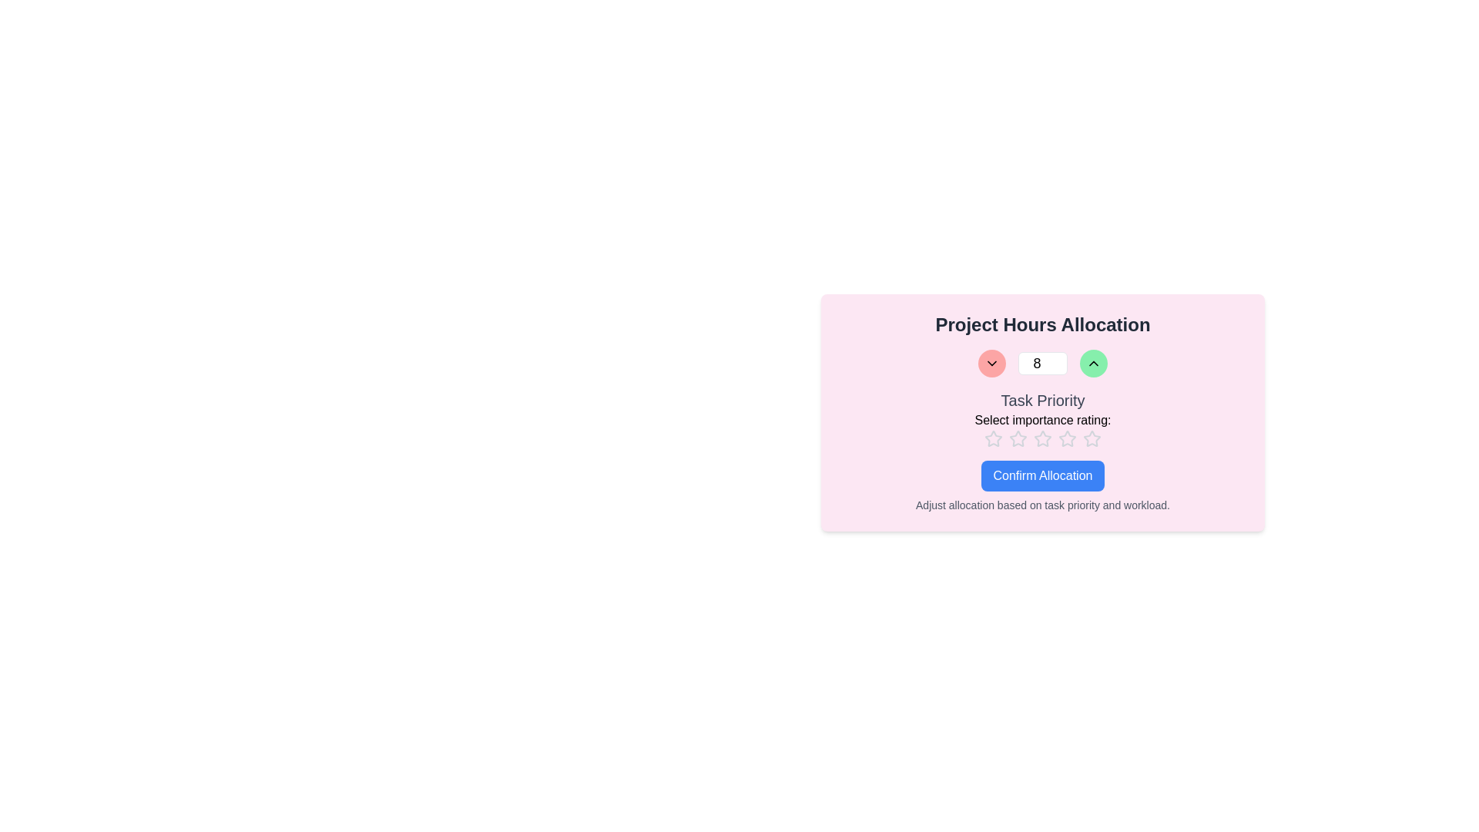  What do you see at coordinates (1042, 487) in the screenshot?
I see `the blue 'Confirm Allocation' button located within the pink card at the bottom of the 'Project Hours Allocation' panel to observe the hover effects` at bounding box center [1042, 487].